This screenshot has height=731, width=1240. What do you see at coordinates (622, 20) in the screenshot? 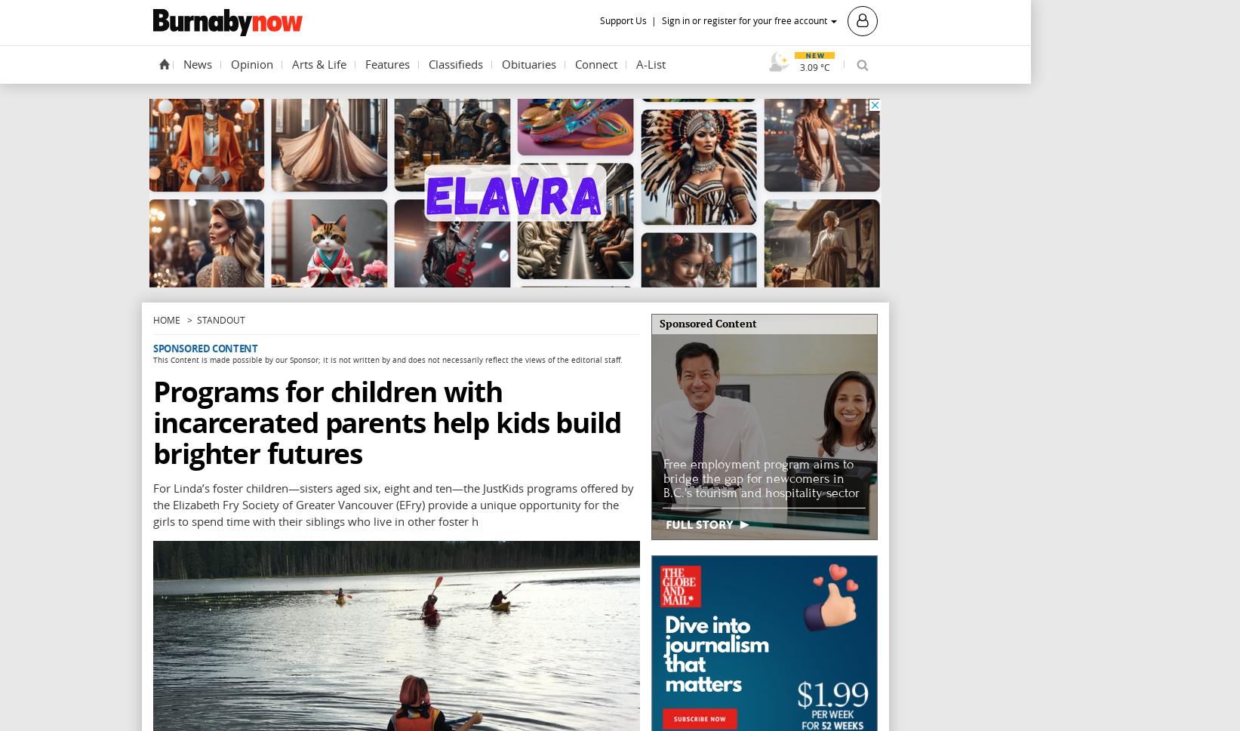
I see `'Support Us'` at bounding box center [622, 20].